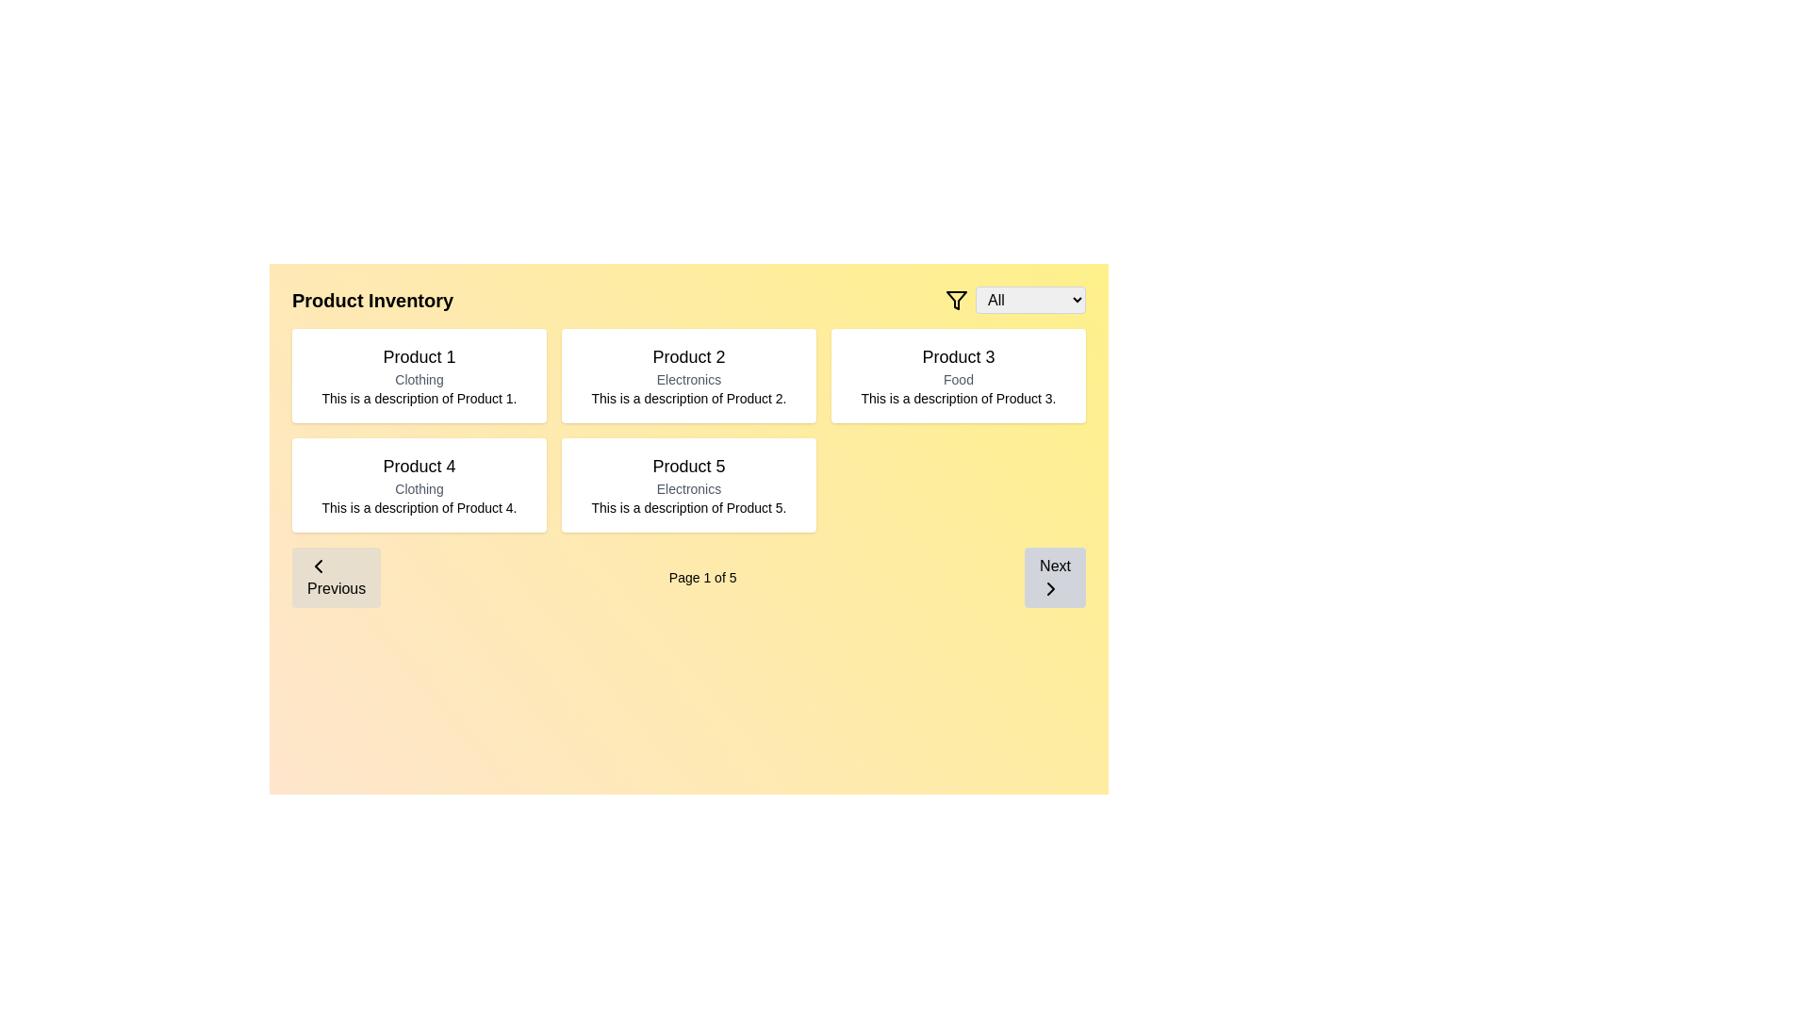  I want to click on the descriptive text element that contains 'This is a description of Product 4.' in the product card located in the bottom row, first column, so click(419, 507).